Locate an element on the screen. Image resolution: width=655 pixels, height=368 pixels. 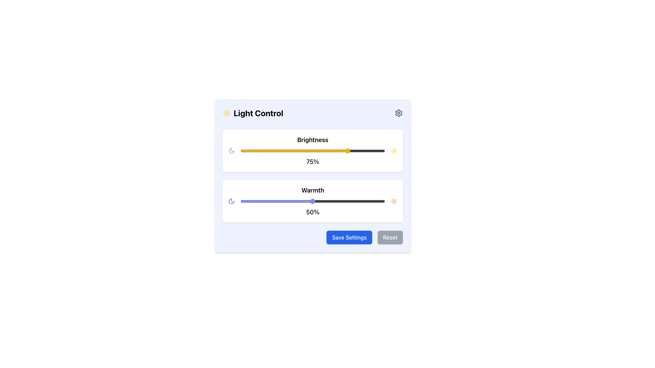
warmth is located at coordinates (304, 201).